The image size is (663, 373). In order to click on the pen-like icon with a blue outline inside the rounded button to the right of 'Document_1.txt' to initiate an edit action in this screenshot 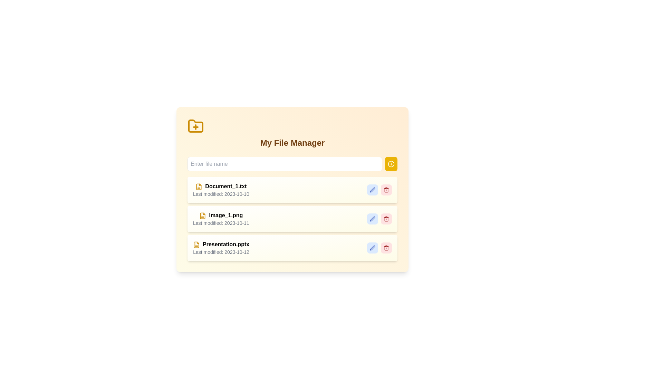, I will do `click(372, 190)`.